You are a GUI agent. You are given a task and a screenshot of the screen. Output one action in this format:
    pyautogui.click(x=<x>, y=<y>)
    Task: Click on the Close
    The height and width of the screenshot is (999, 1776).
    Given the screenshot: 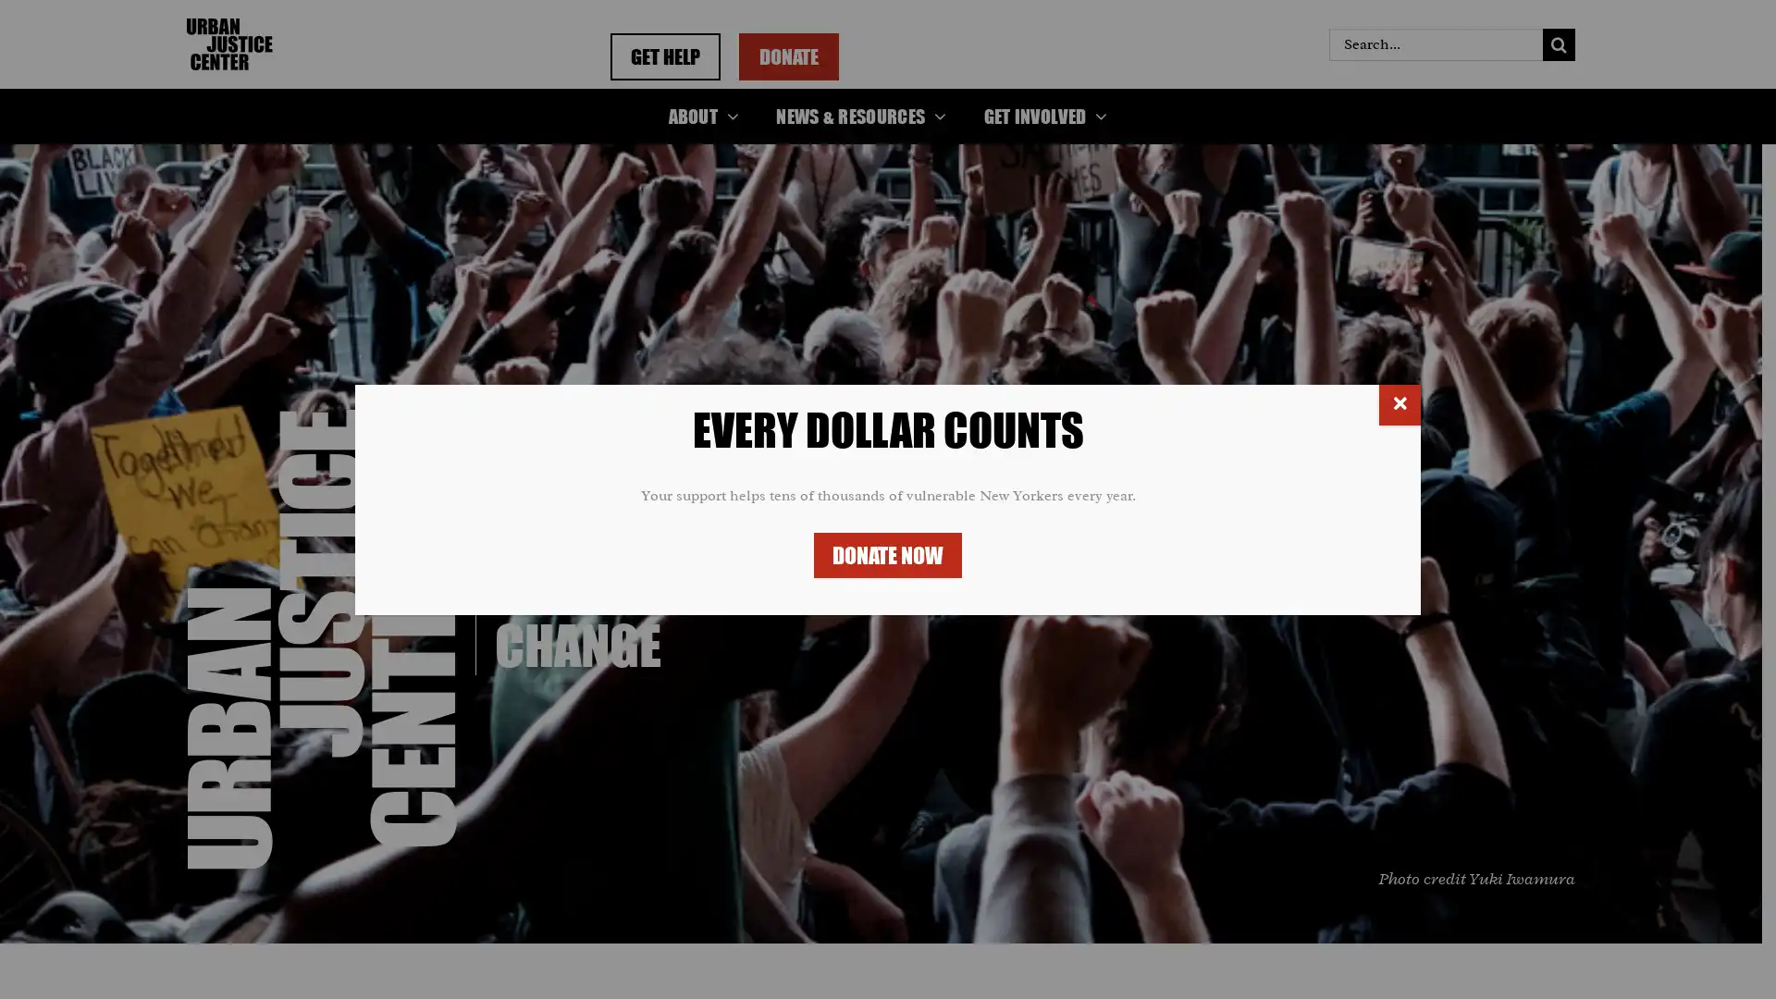 What is the action you would take?
    pyautogui.click(x=1400, y=402)
    